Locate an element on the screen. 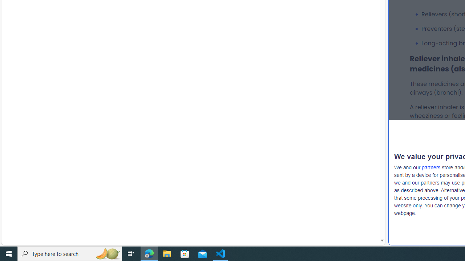 This screenshot has height=261, width=465. 'partners' is located at coordinates (431, 167).